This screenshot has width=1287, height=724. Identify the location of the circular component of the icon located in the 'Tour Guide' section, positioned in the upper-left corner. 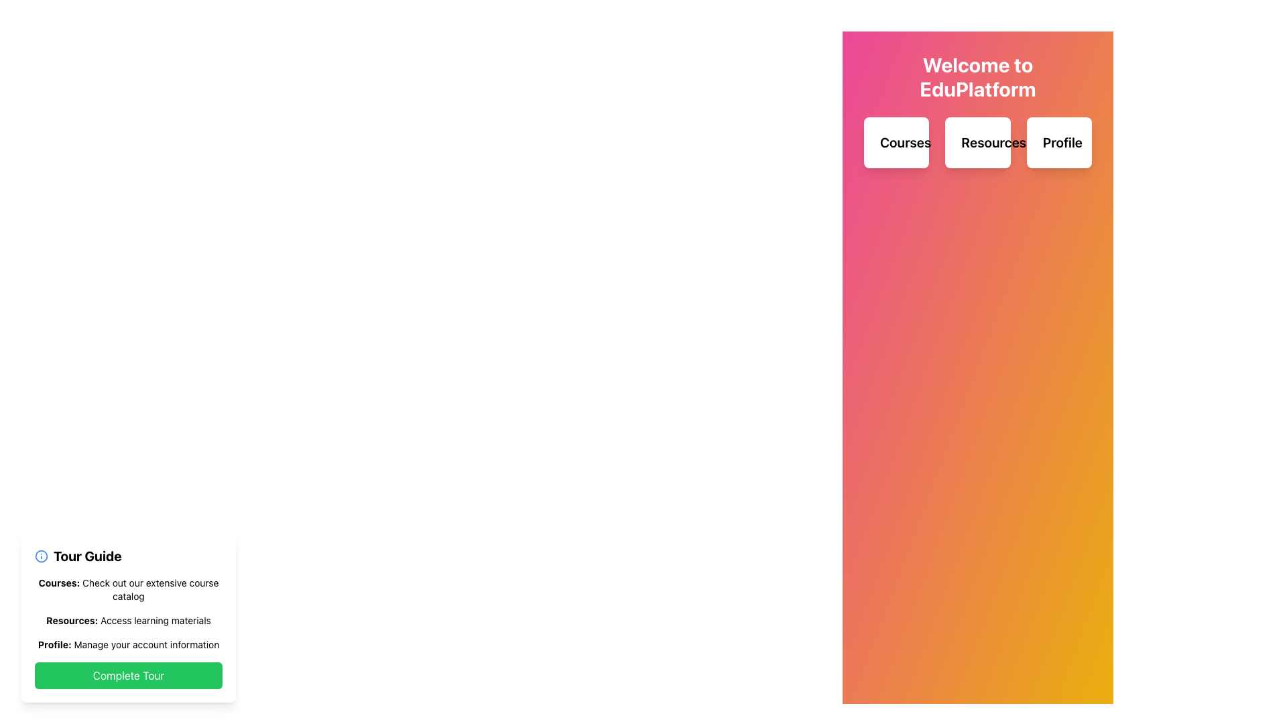
(42, 556).